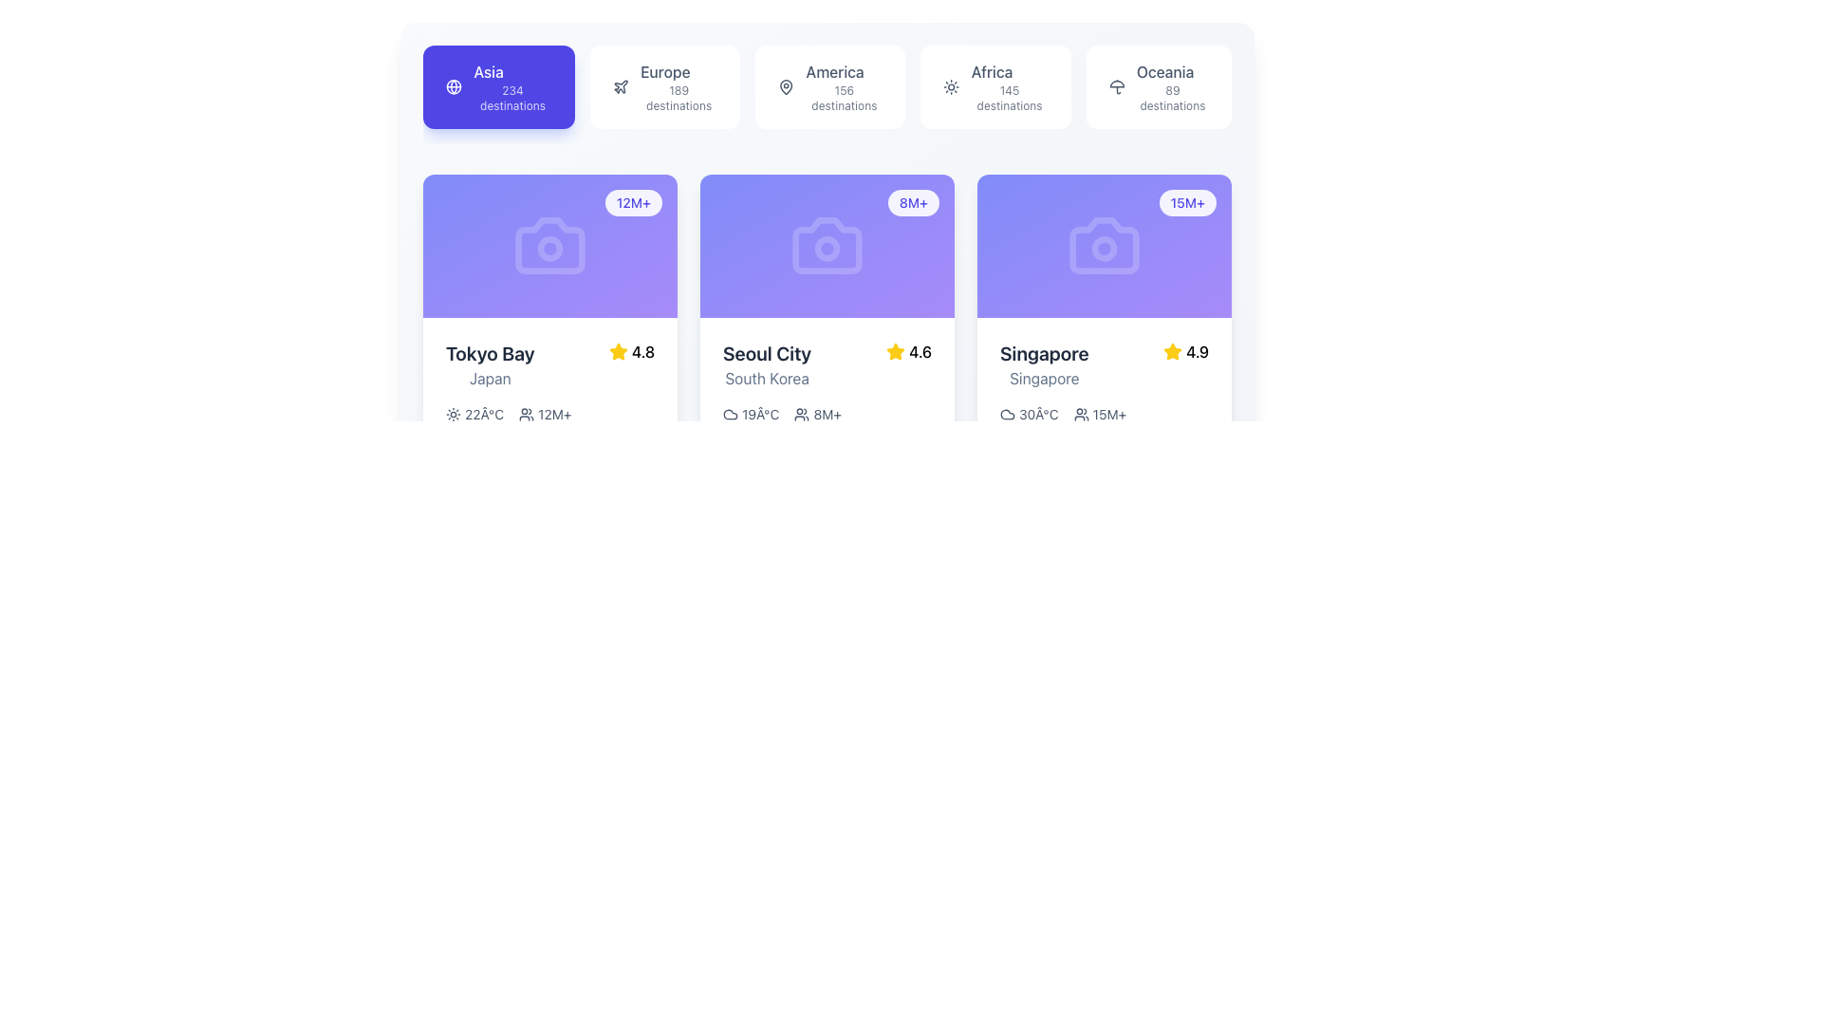 Image resolution: width=1822 pixels, height=1025 pixels. I want to click on the text element displaying 'America' located at the top of the third card in a horizontal list of cards, so click(835, 71).